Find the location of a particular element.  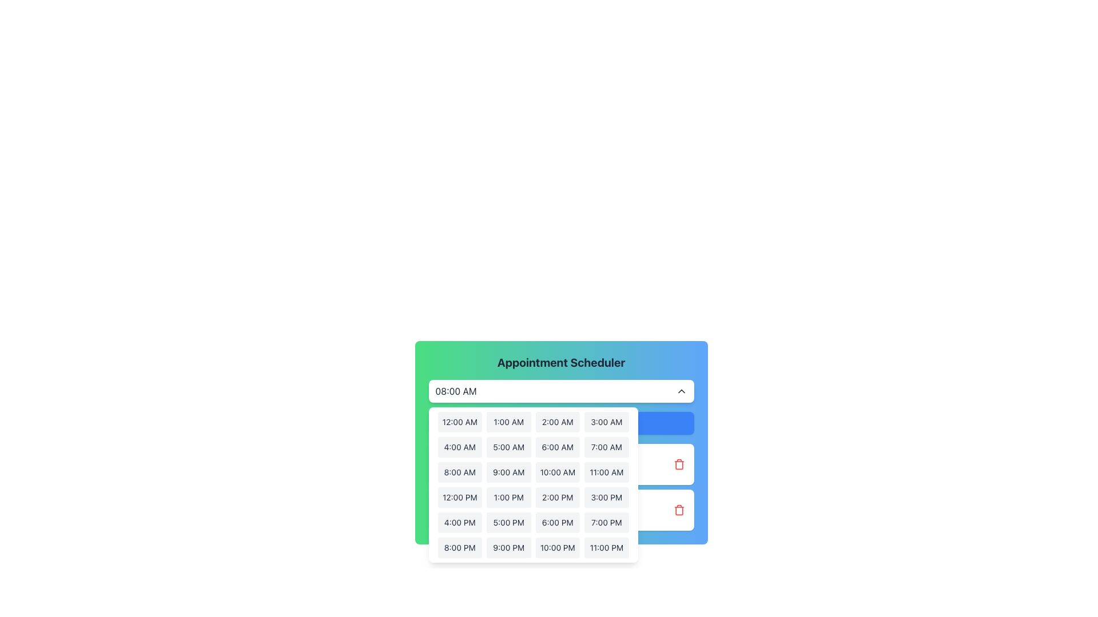

the '7:00 AM' button is located at coordinates (606, 447).